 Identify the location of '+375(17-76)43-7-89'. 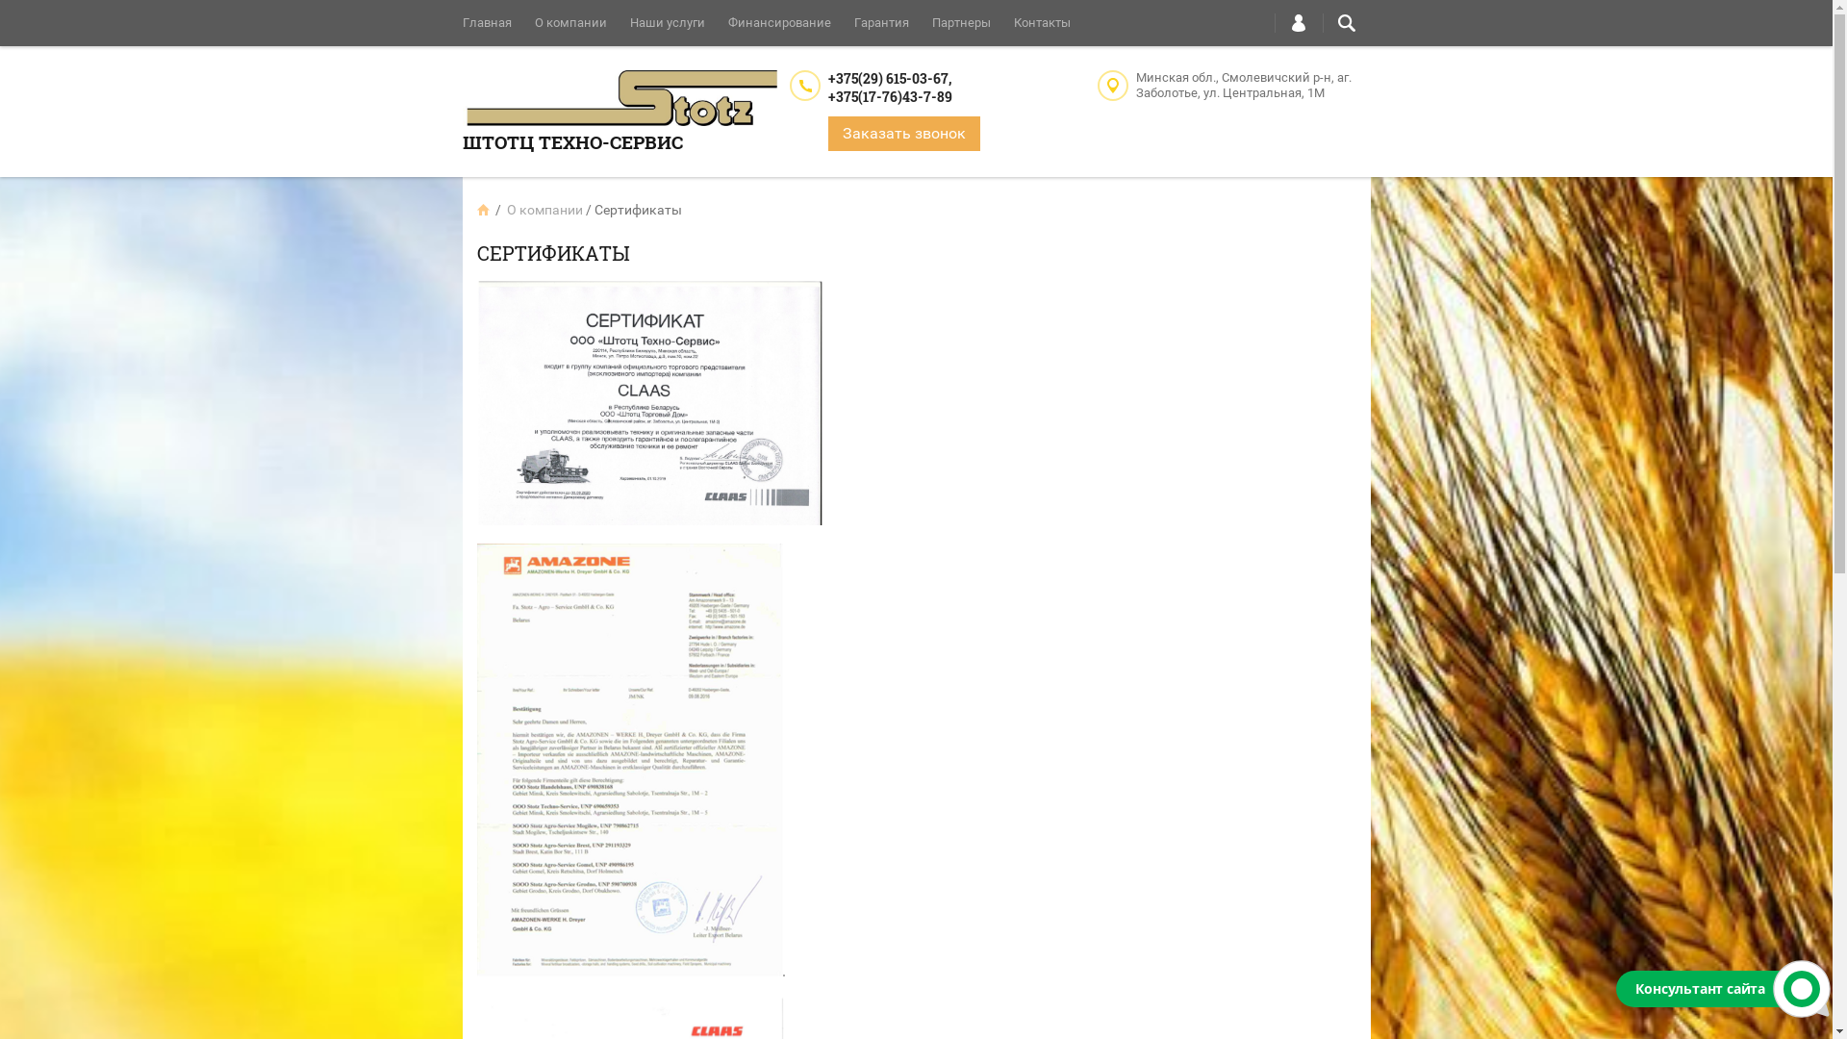
(826, 96).